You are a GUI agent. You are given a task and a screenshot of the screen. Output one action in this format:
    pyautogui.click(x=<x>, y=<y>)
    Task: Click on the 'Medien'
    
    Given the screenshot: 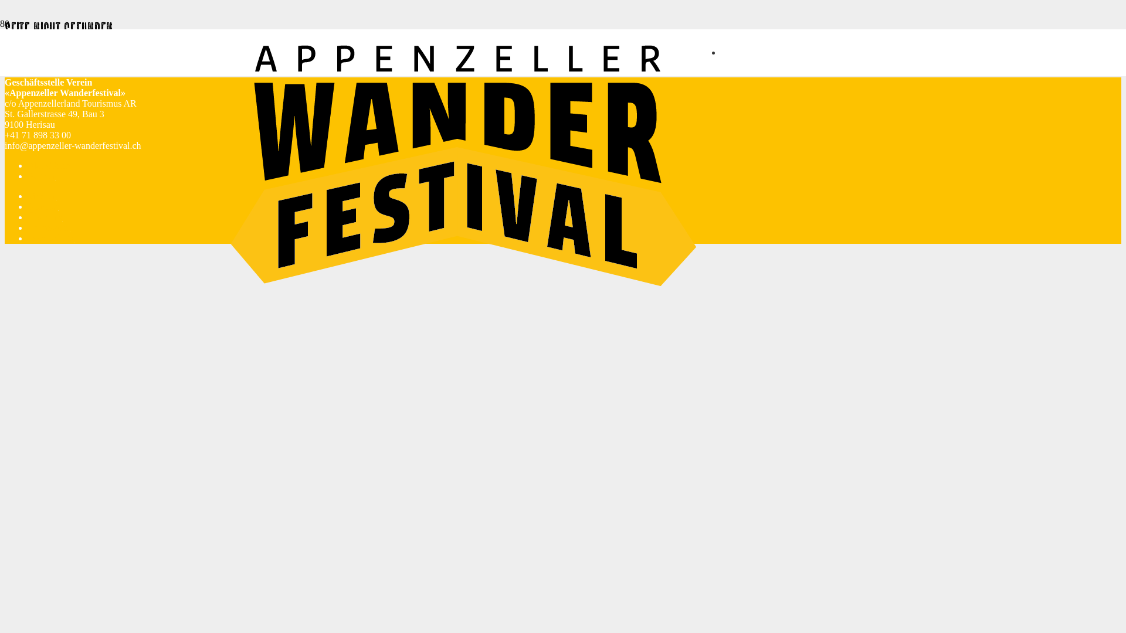 What is the action you would take?
    pyautogui.click(x=42, y=195)
    